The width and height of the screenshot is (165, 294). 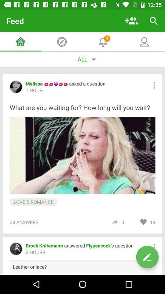 What do you see at coordinates (62, 41) in the screenshot?
I see `the icon which is beside the home` at bounding box center [62, 41].